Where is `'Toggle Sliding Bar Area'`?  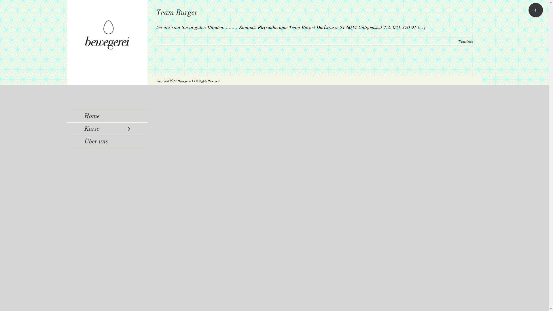
'Toggle Sliding Bar Area' is located at coordinates (535, 10).